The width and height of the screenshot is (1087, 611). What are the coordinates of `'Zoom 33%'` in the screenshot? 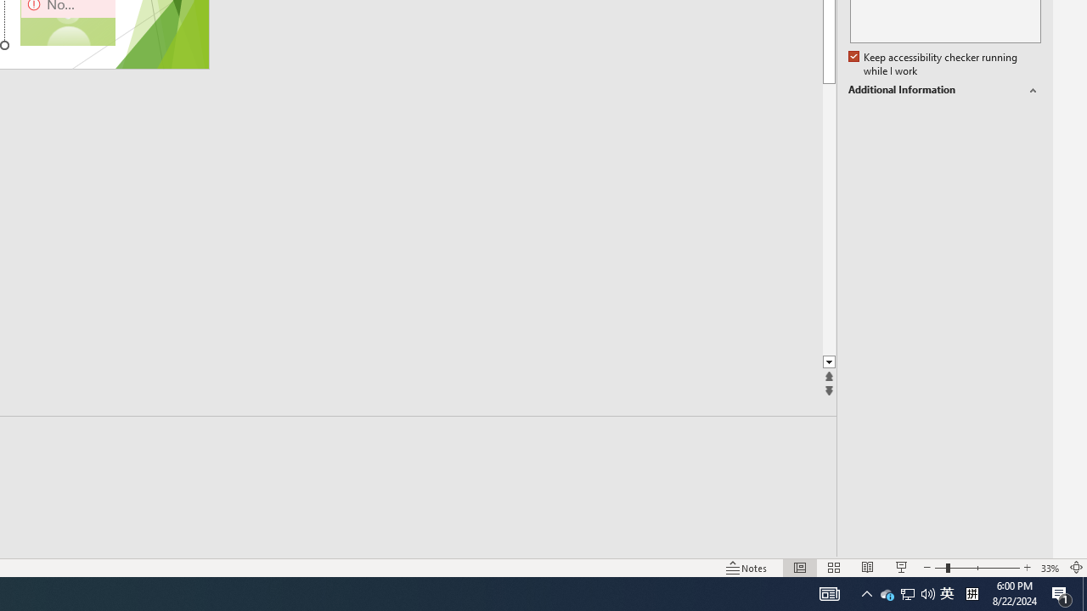 It's located at (1050, 568).